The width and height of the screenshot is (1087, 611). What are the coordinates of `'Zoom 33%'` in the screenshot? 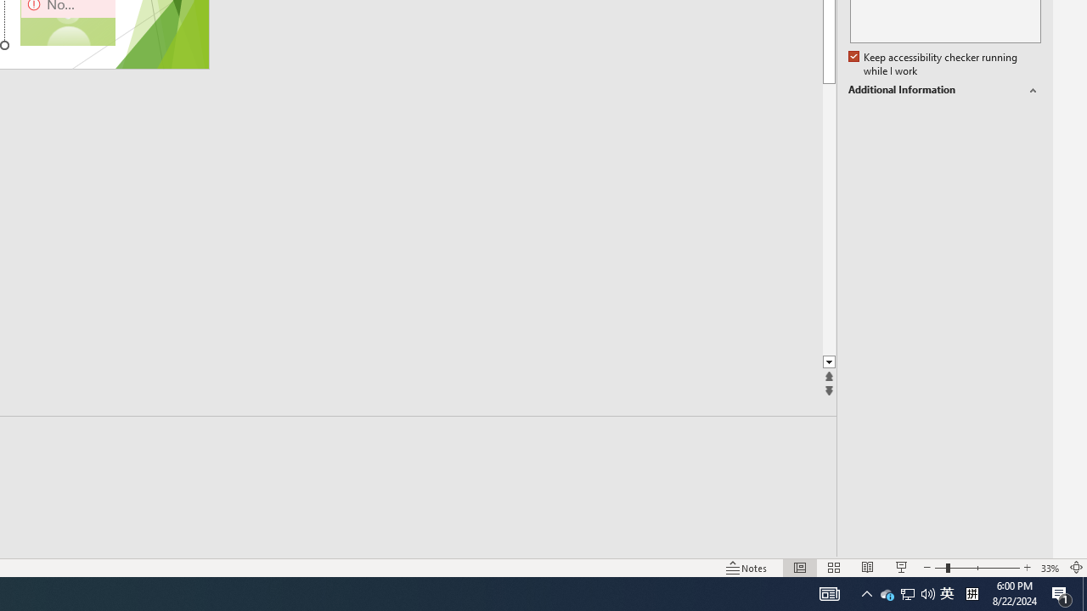 It's located at (1050, 568).